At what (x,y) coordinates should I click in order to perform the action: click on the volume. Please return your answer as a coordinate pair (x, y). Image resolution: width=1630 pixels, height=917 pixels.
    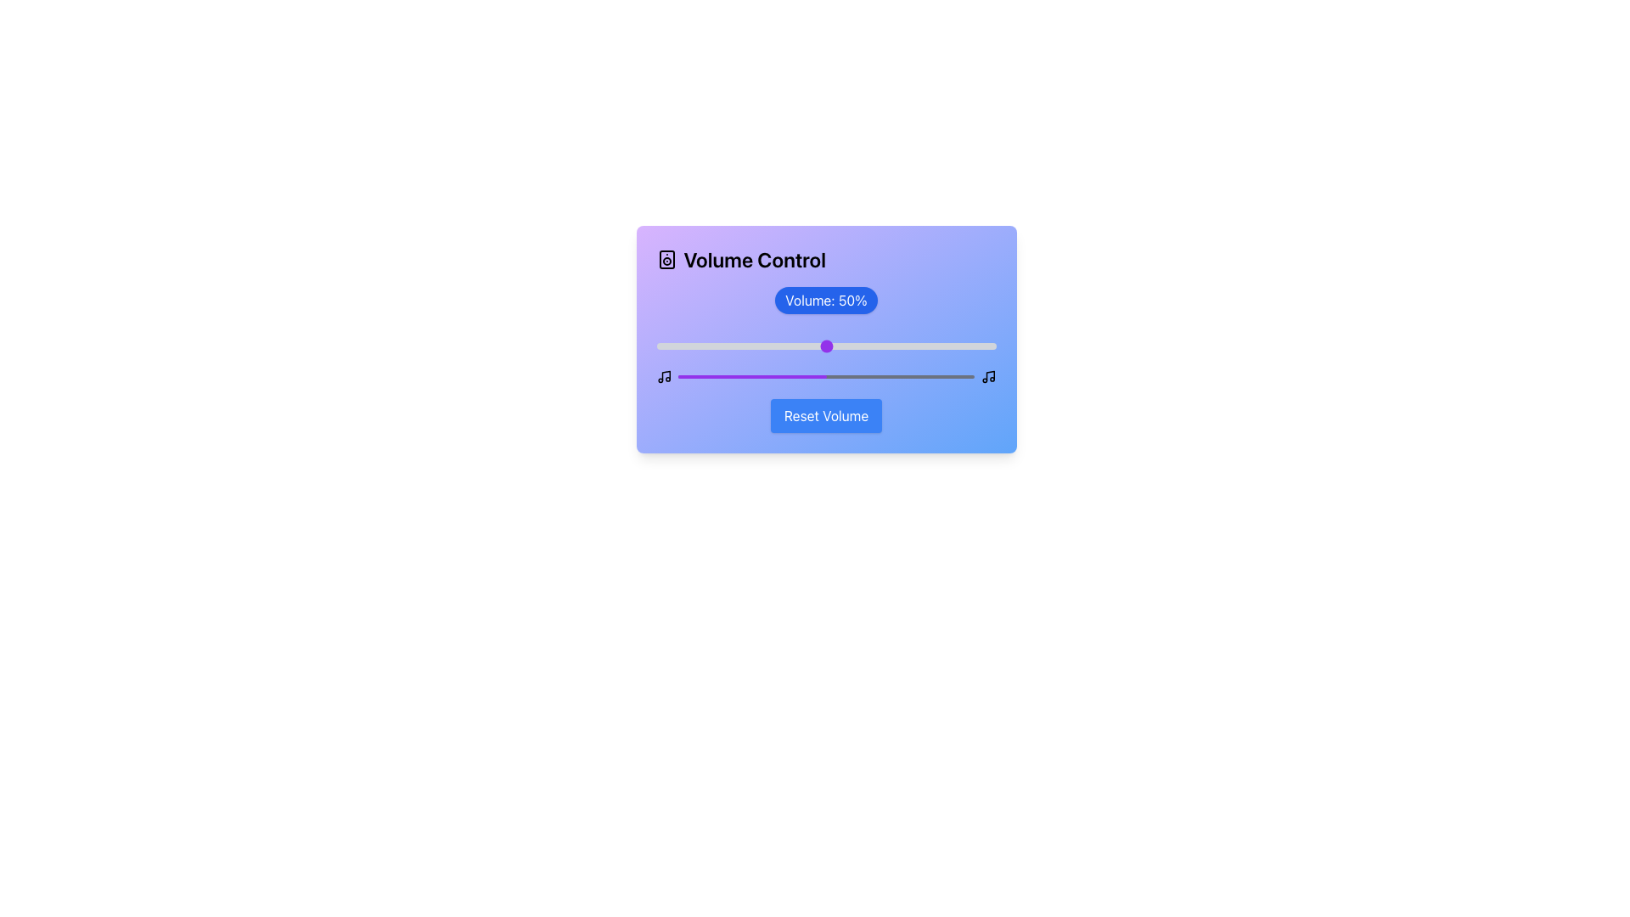
    Looking at the image, I should click on (701, 375).